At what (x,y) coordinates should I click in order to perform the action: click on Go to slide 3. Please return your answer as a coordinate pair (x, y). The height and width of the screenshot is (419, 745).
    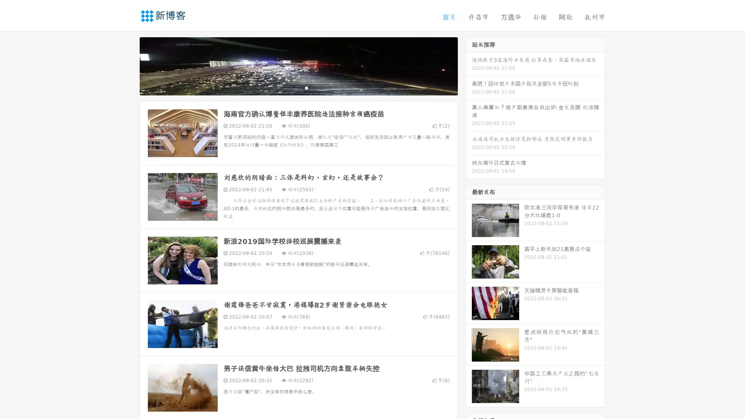
    Looking at the image, I should click on (306, 87).